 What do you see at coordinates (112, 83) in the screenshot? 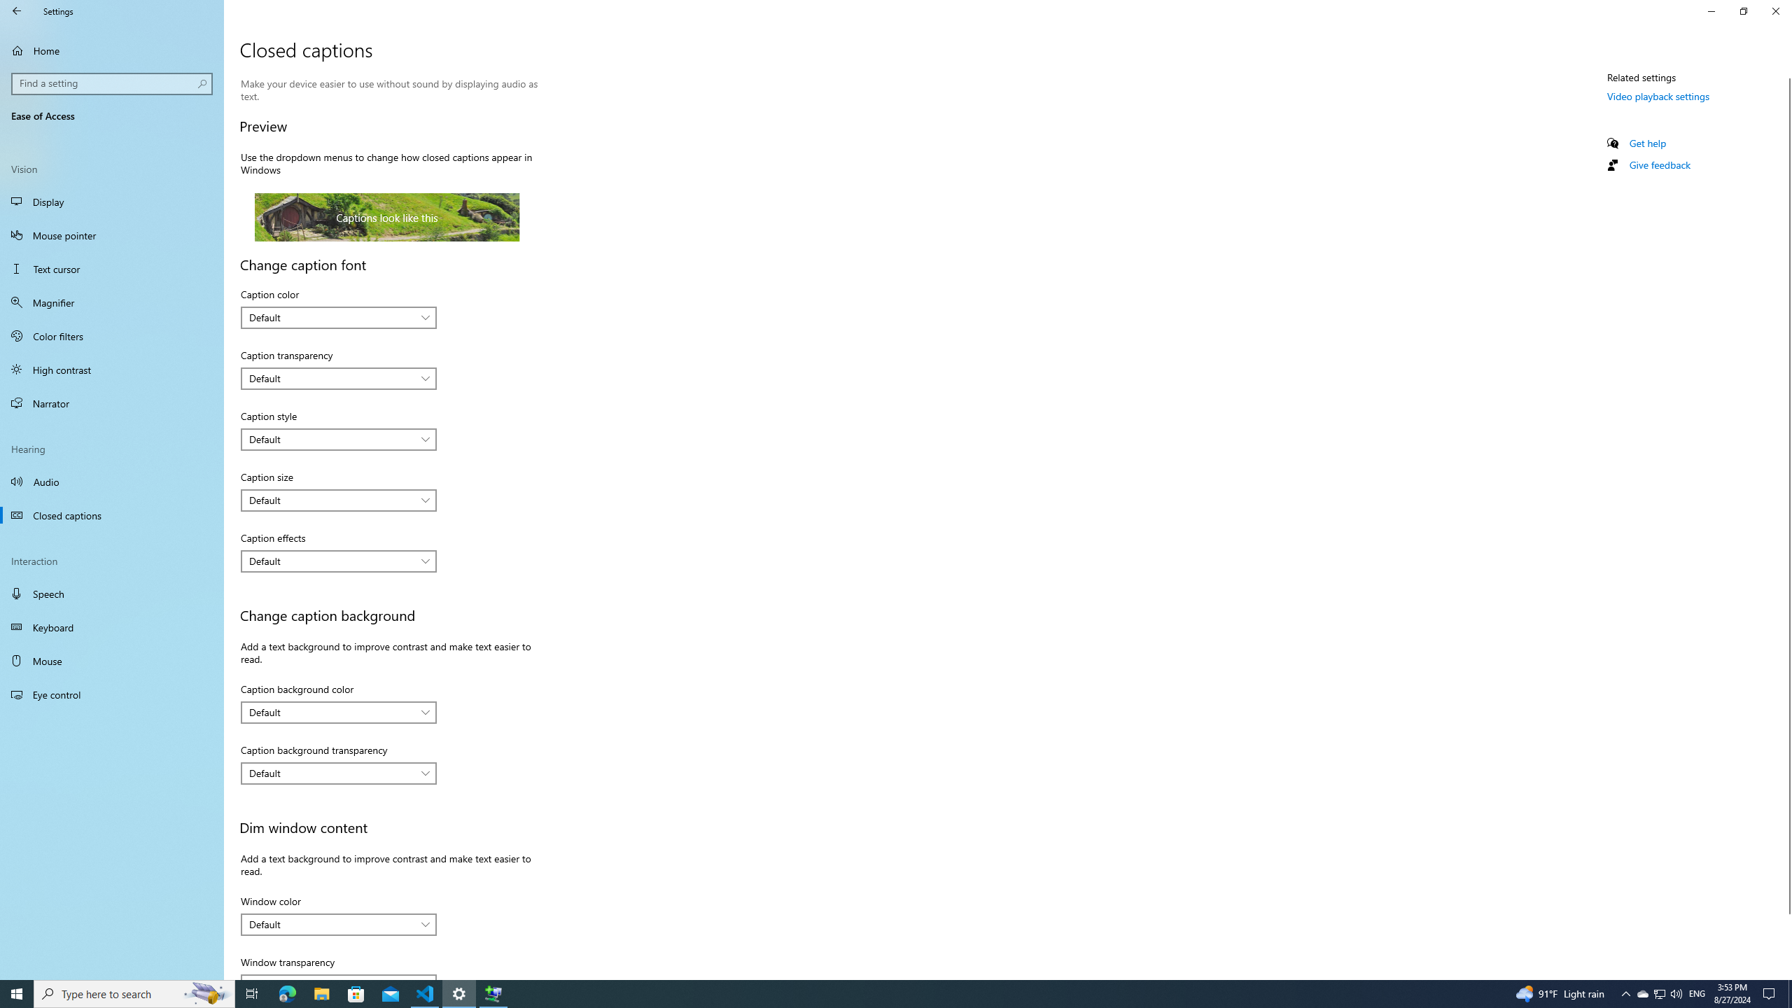
I see `'Search box, Find a setting'` at bounding box center [112, 83].